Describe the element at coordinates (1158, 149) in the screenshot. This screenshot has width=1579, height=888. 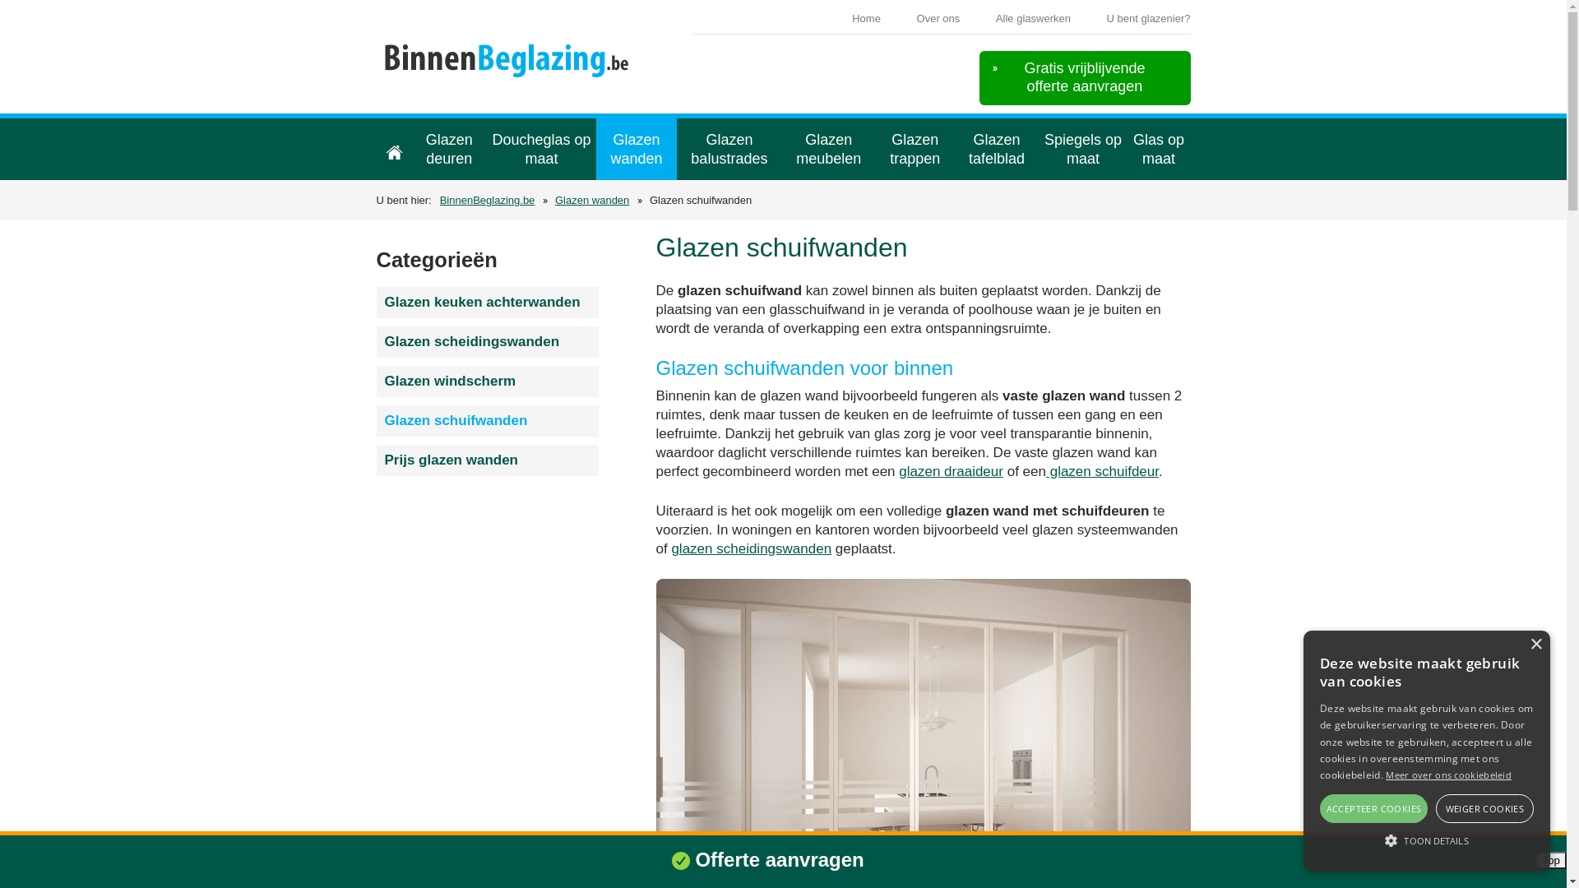
I see `'Glas op maat'` at that location.